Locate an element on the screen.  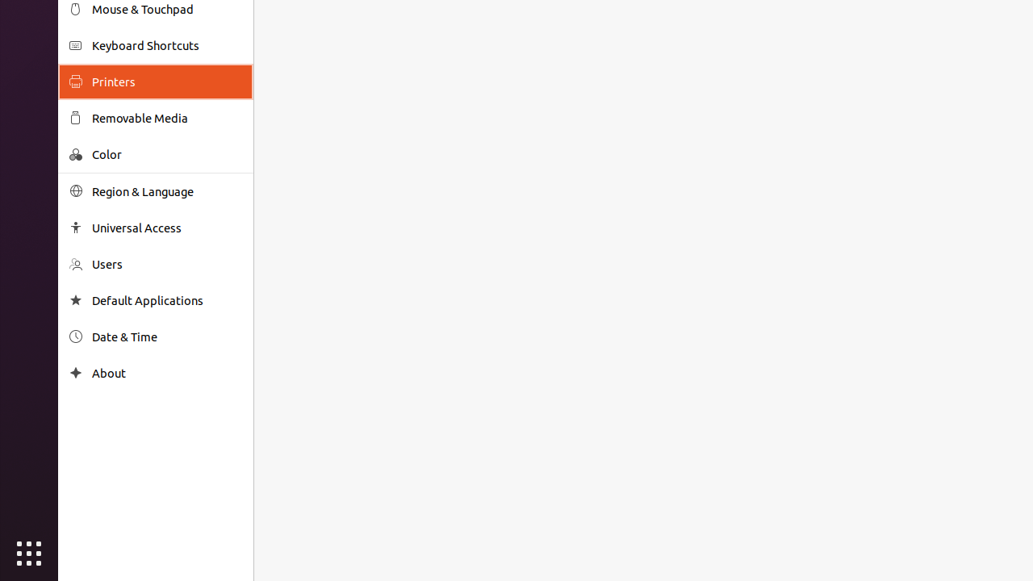
'Keyboard Shortcuts' is located at coordinates (166, 44).